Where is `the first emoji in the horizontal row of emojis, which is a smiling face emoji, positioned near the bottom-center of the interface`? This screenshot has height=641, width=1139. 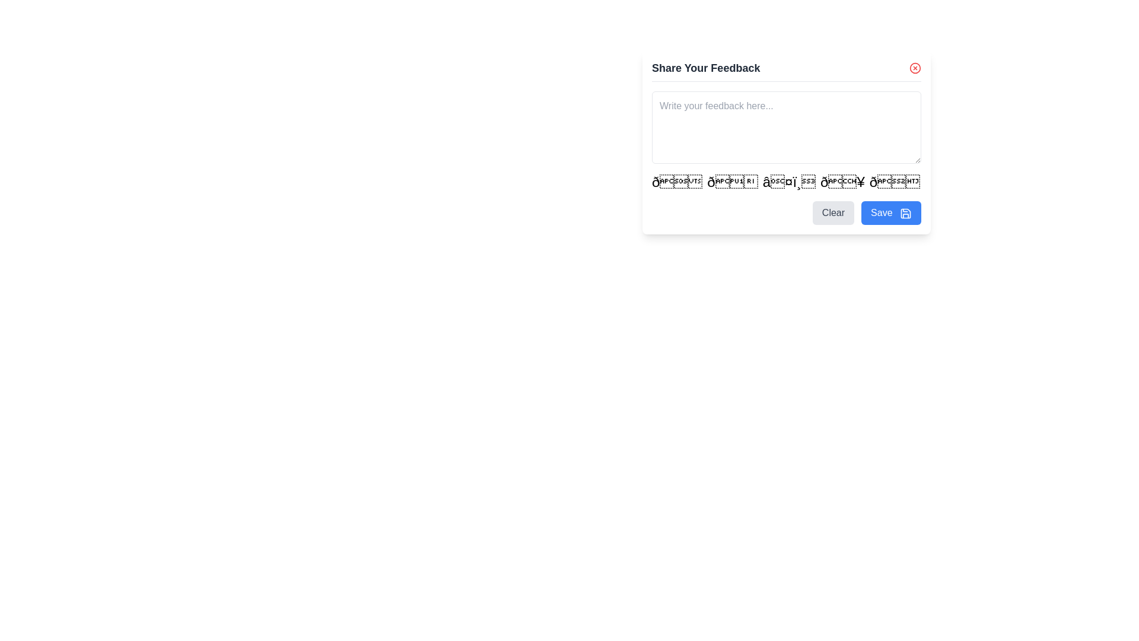
the first emoji in the horizontal row of emojis, which is a smiling face emoji, positioned near the bottom-center of the interface is located at coordinates (677, 182).